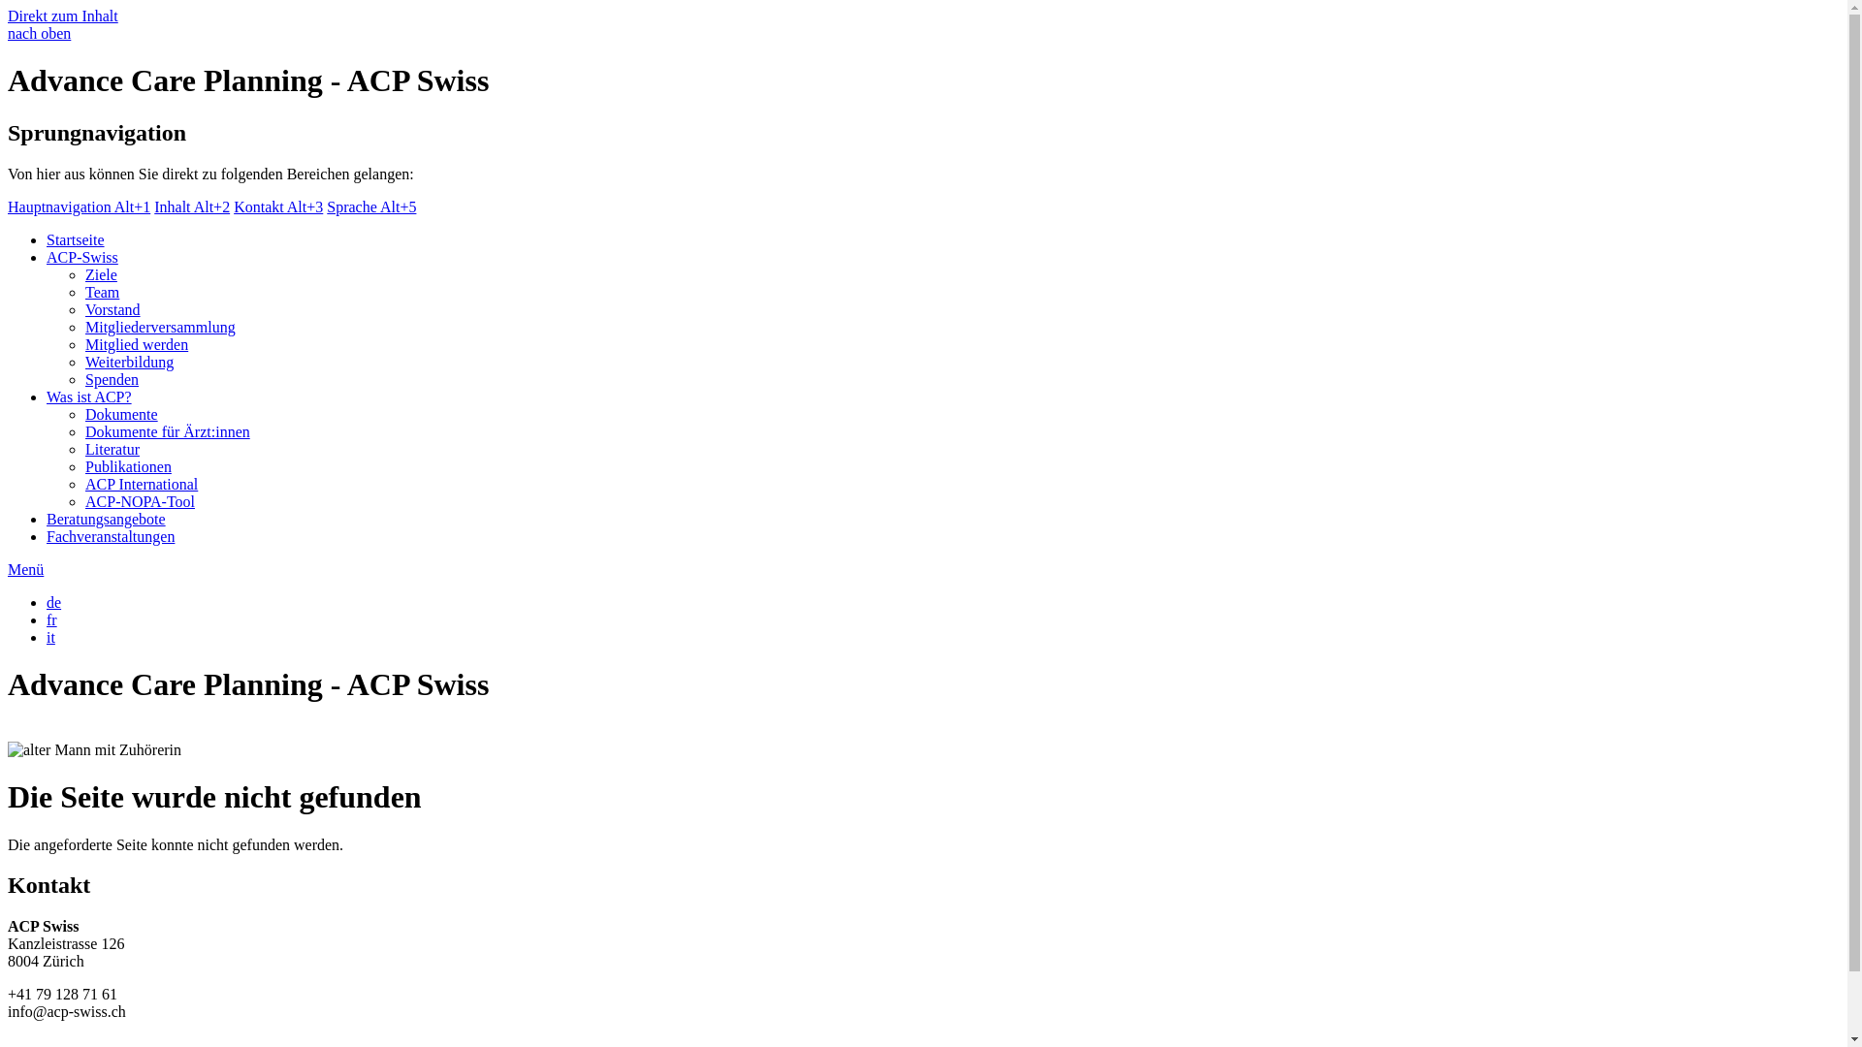 The image size is (1862, 1047). I want to click on 'ACP-NOPA-Tool', so click(139, 500).